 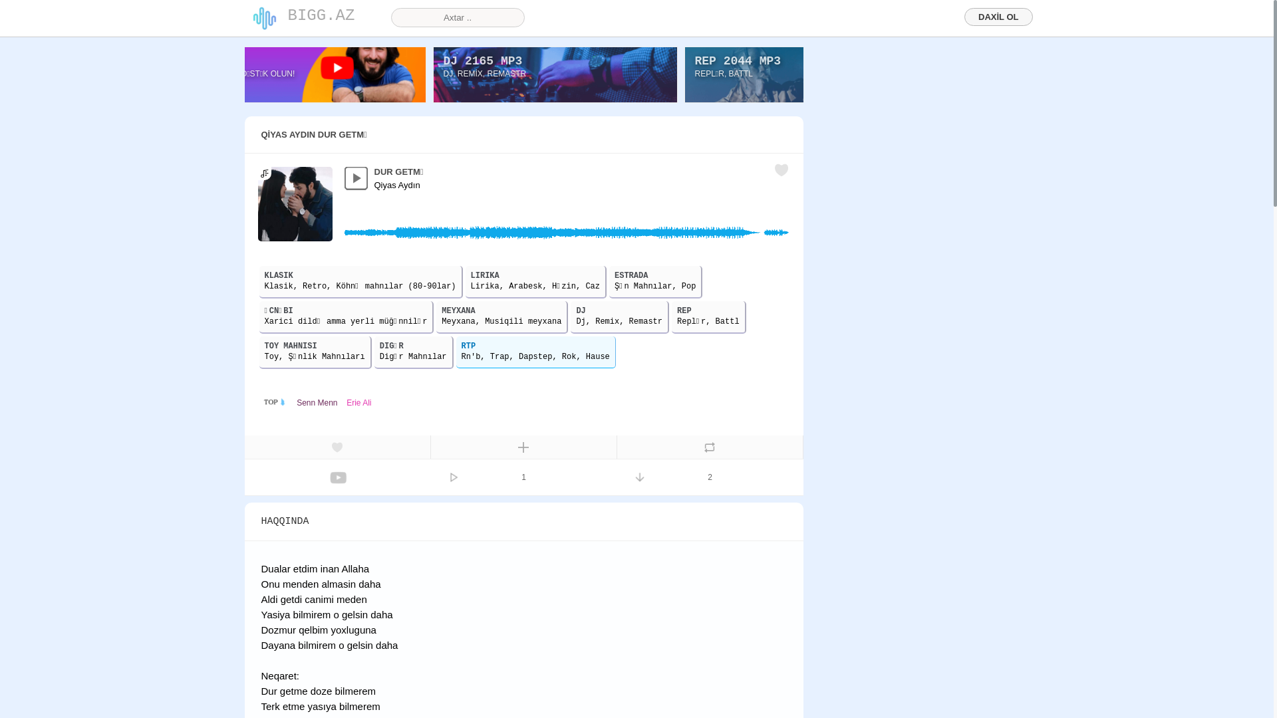 I want to click on '1', so click(x=523, y=476).